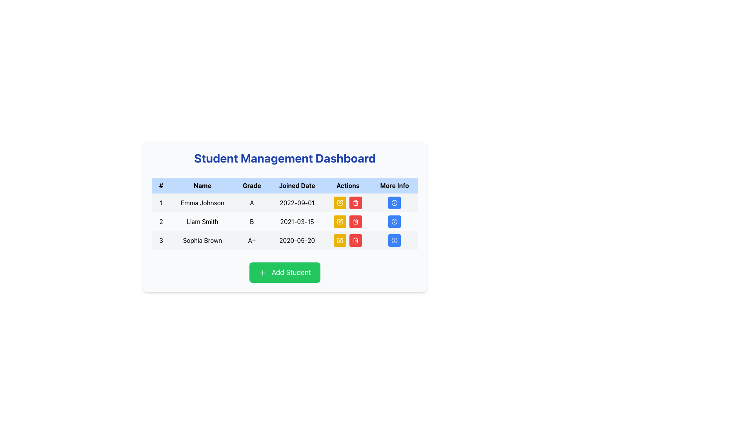  I want to click on the text displaying the date '2021-03-15' located in the fourth column of the table row associated with 'Liam Smith', so click(296, 222).